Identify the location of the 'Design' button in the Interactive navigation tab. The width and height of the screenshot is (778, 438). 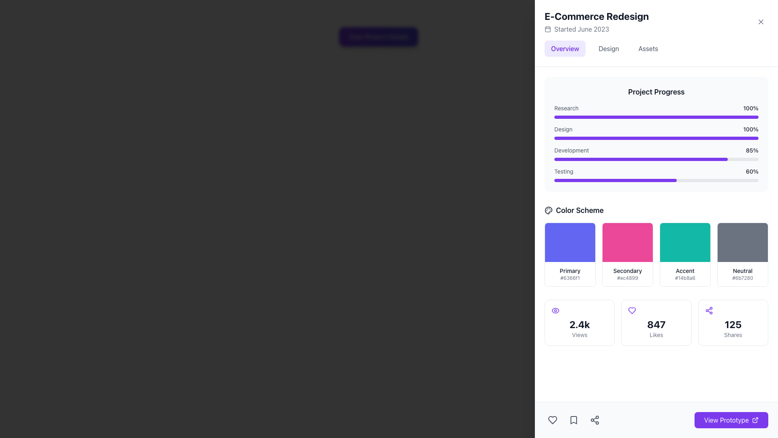
(609, 48).